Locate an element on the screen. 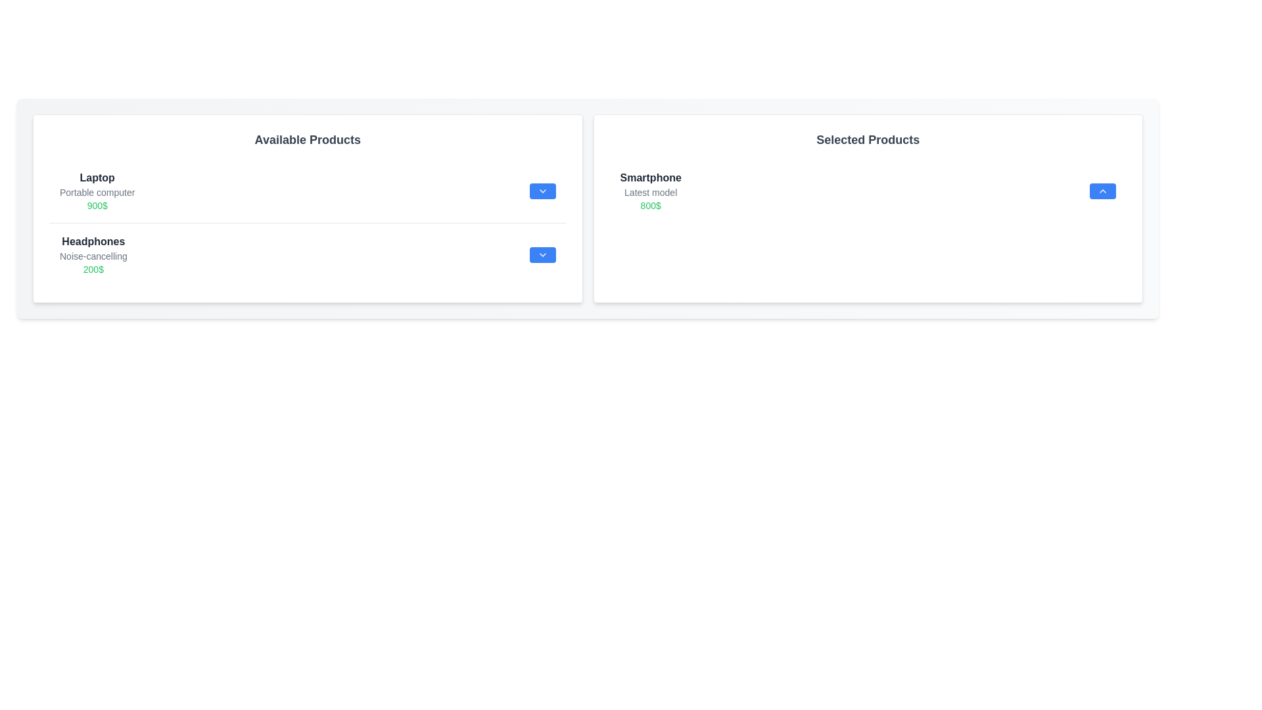 The height and width of the screenshot is (710, 1262). downward arrow button next to the item 'Laptop' in the 'Available Products' list to transfer it to the 'Selected Products' list is located at coordinates (542, 191).